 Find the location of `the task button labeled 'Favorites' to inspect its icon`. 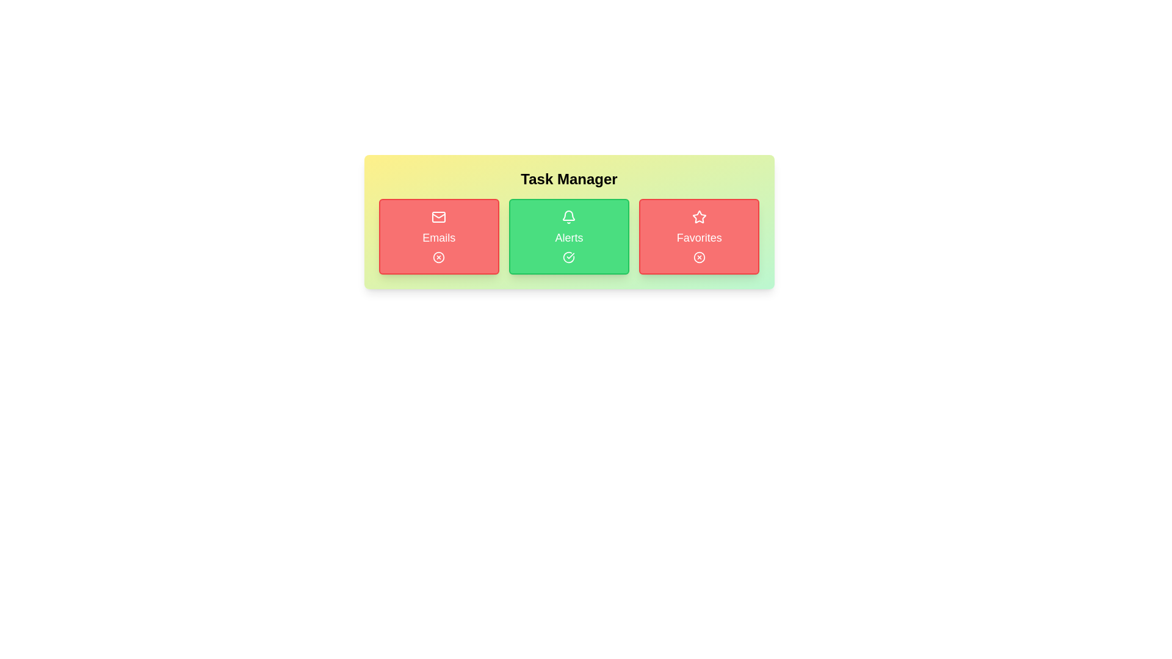

the task button labeled 'Favorites' to inspect its icon is located at coordinates (699, 237).